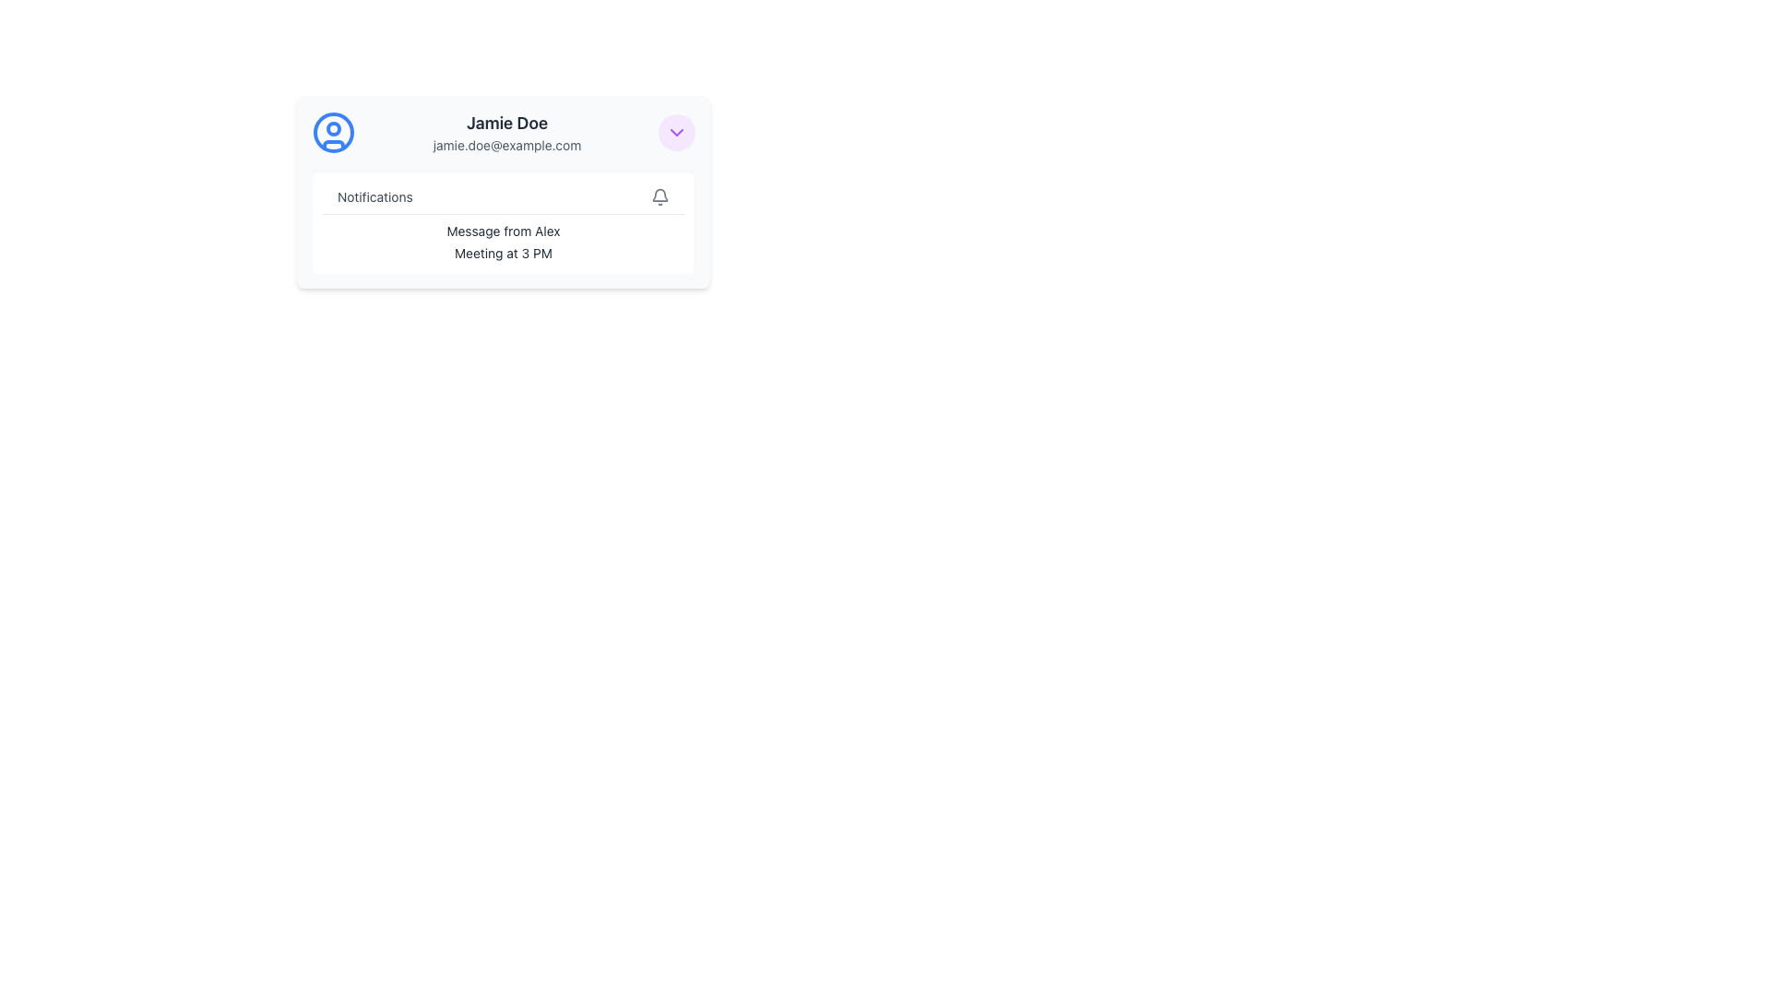 The image size is (1771, 996). What do you see at coordinates (333, 131) in the screenshot?
I see `the circular user icon with a blue outline representing a person, located to the left of the text 'Jamie Doe' and 'jamie.doe@example.com'` at bounding box center [333, 131].